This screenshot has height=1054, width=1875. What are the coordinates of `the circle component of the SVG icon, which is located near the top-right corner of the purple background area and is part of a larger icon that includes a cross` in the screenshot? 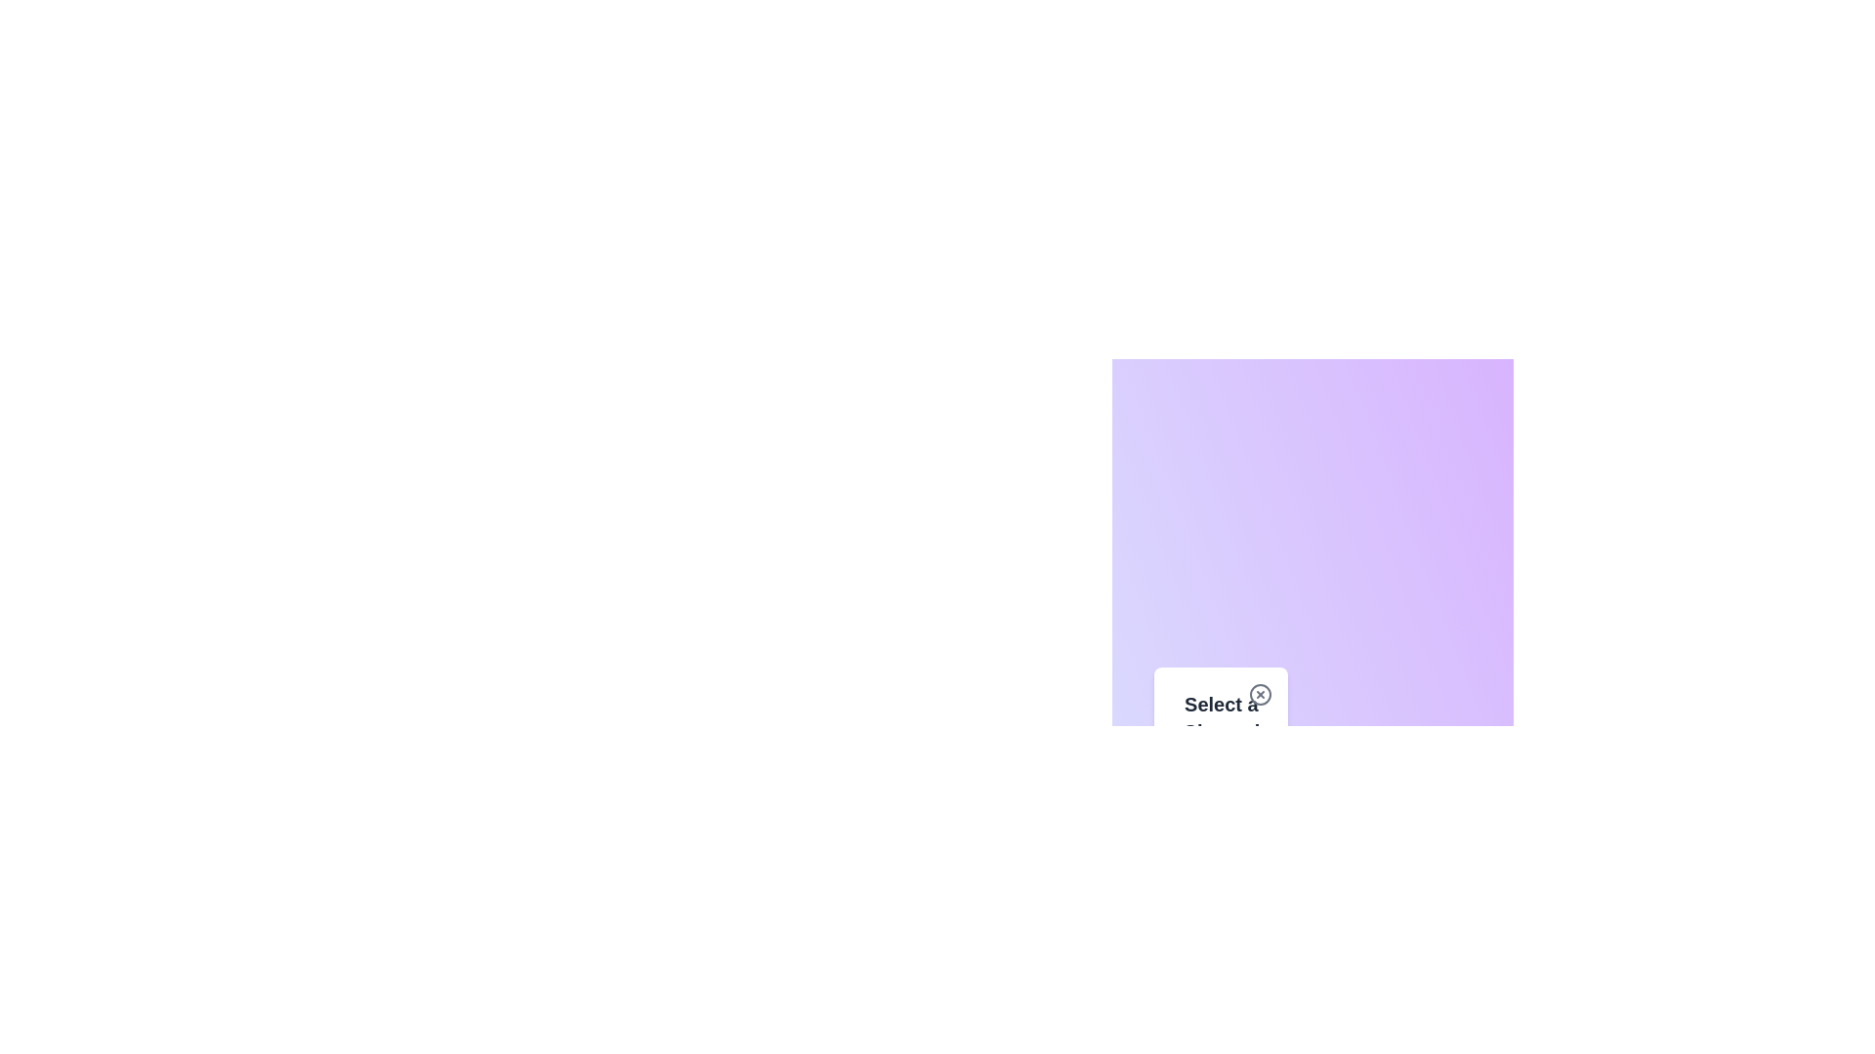 It's located at (1261, 694).